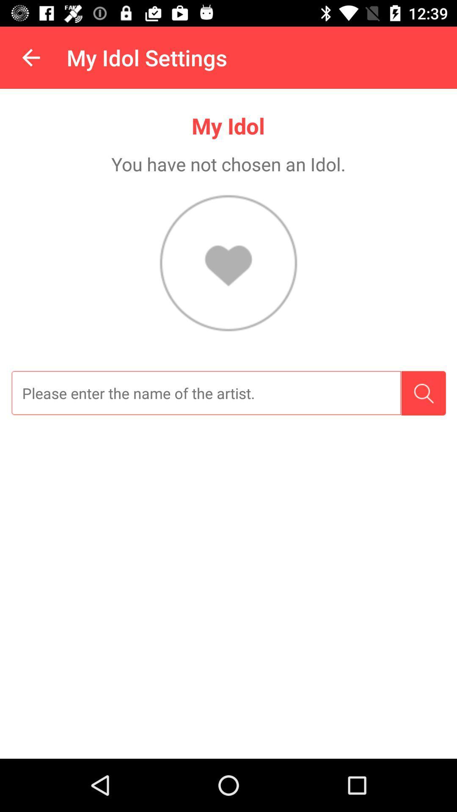  I want to click on search, so click(424, 393).